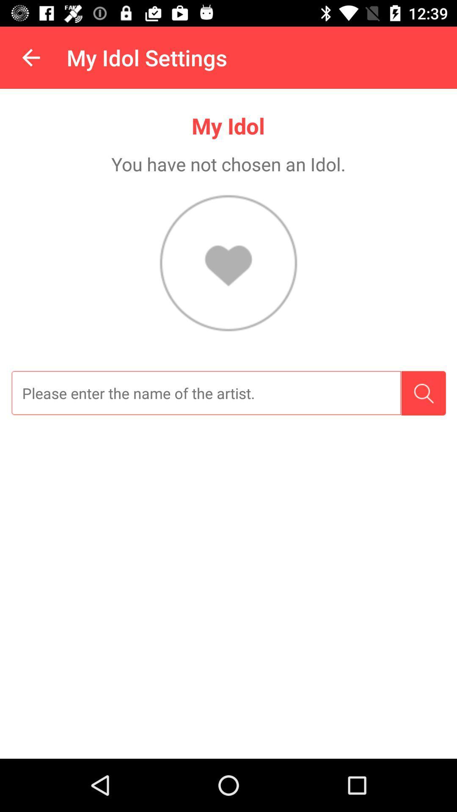  I want to click on search, so click(424, 393).